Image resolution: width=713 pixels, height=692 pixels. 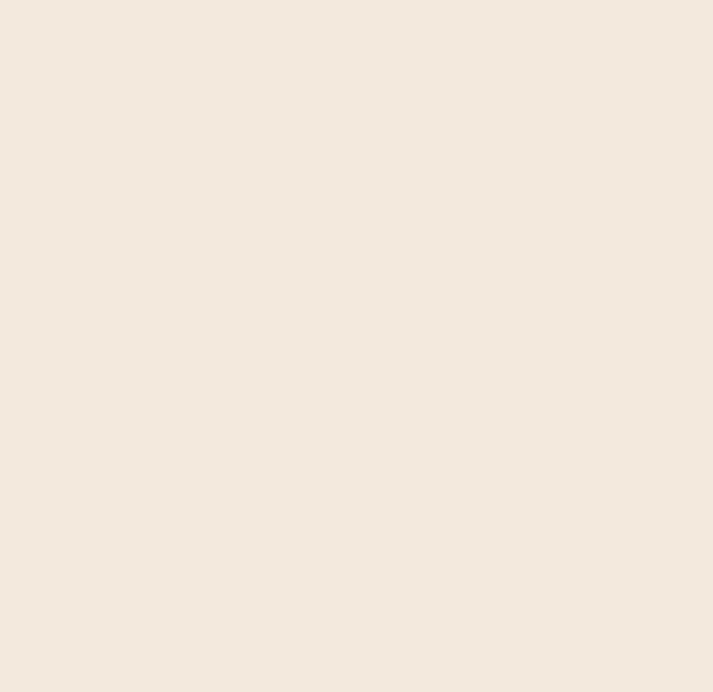 What do you see at coordinates (128, 95) in the screenshot?
I see `'It has been a momentous six months since our first Biannual Update. The Tezos ecosystem and community continue to grow and gain momentum.'` at bounding box center [128, 95].